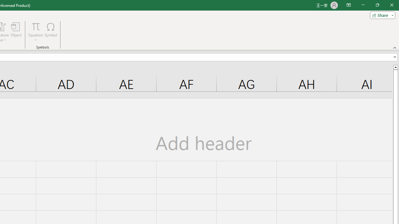 Image resolution: width=399 pixels, height=224 pixels. I want to click on 'Object...', so click(16, 32).